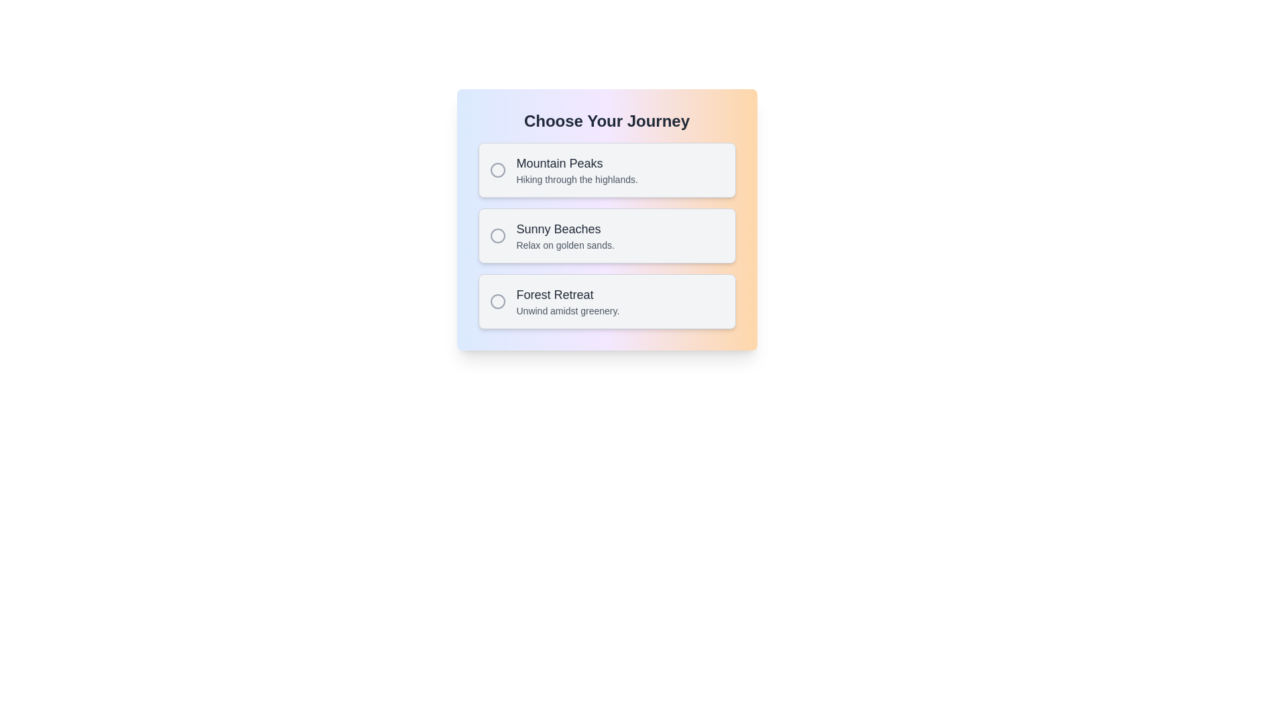 Image resolution: width=1287 pixels, height=724 pixels. I want to click on the second interactive card labeled 'Sunny Beaches' in the 'Choose Your Journey' panel, so click(606, 235).